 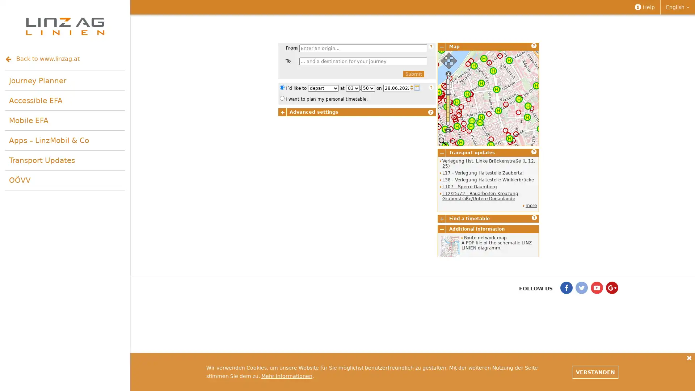 I want to click on COOKIE RICHTLINIEN SCHLIESSEN, so click(x=689, y=357).